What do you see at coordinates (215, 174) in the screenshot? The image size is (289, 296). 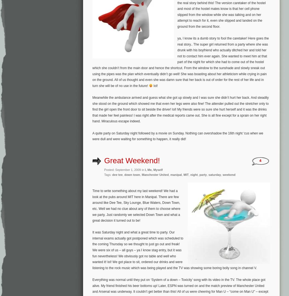 I see `'saturday'` at bounding box center [215, 174].